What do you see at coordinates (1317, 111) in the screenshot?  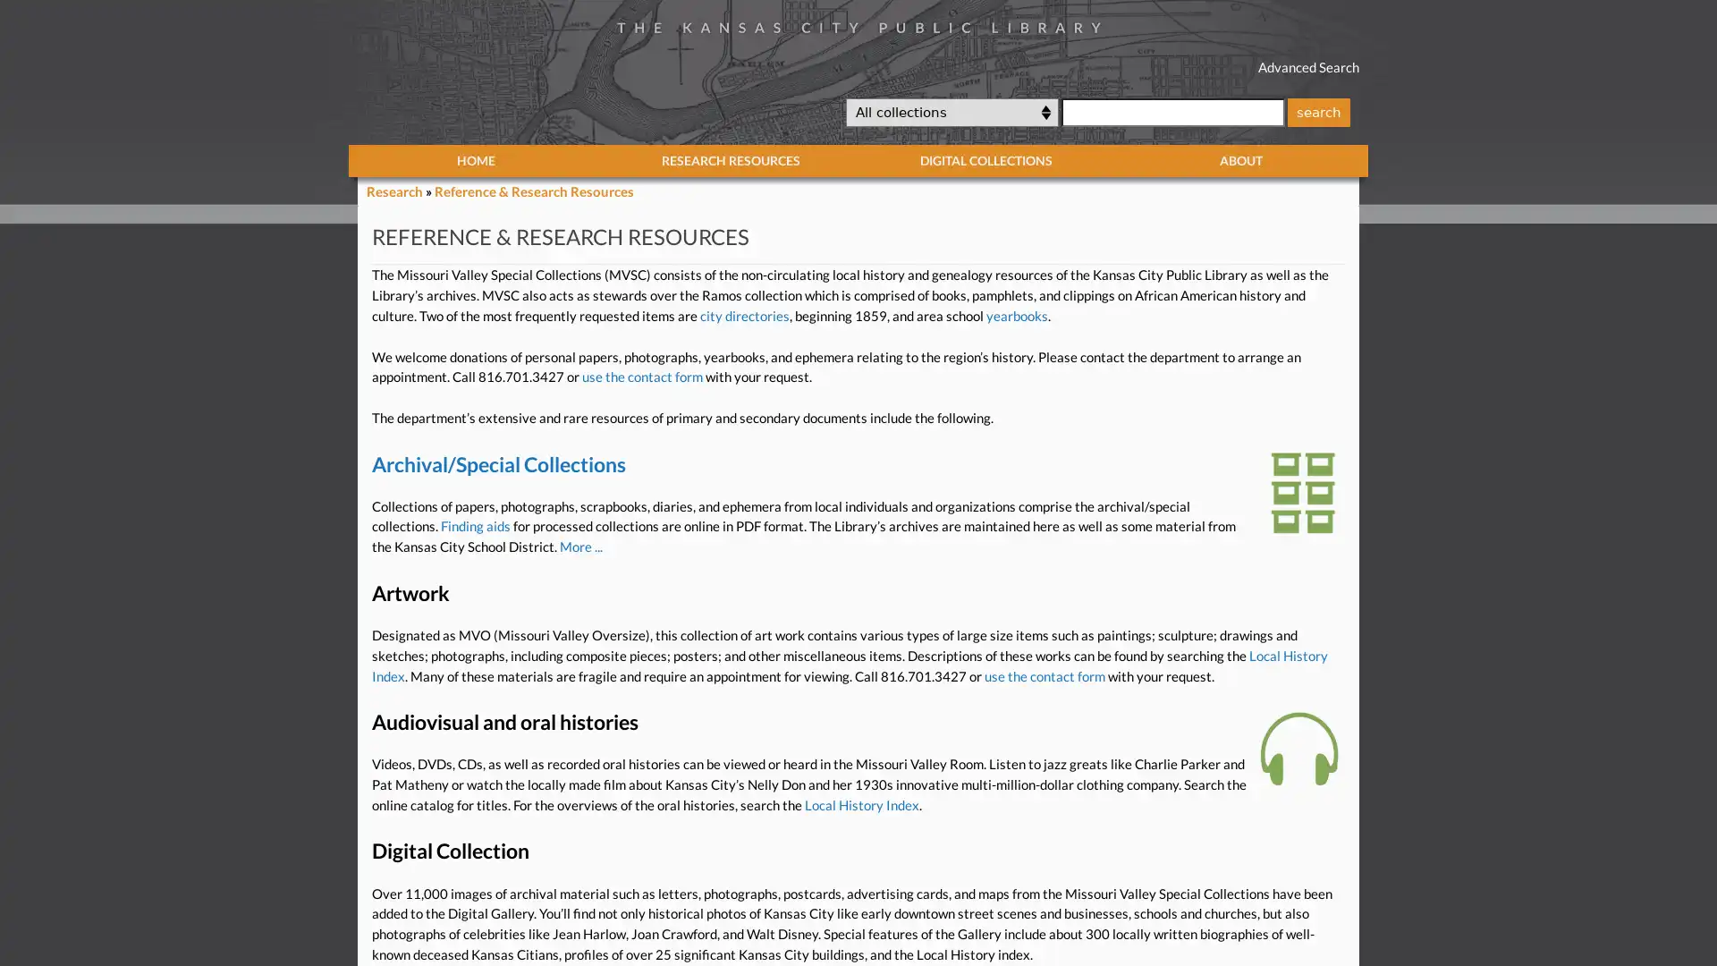 I see `search` at bounding box center [1317, 111].